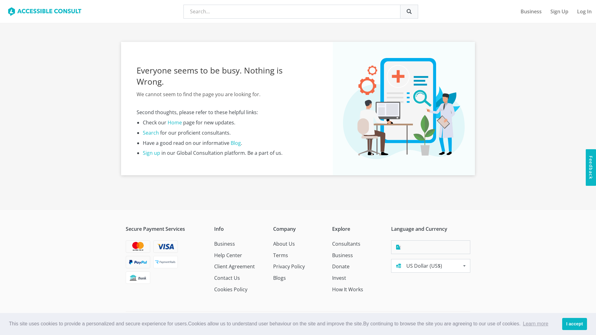  Describe the element at coordinates (341, 266) in the screenshot. I see `'Donate'` at that location.